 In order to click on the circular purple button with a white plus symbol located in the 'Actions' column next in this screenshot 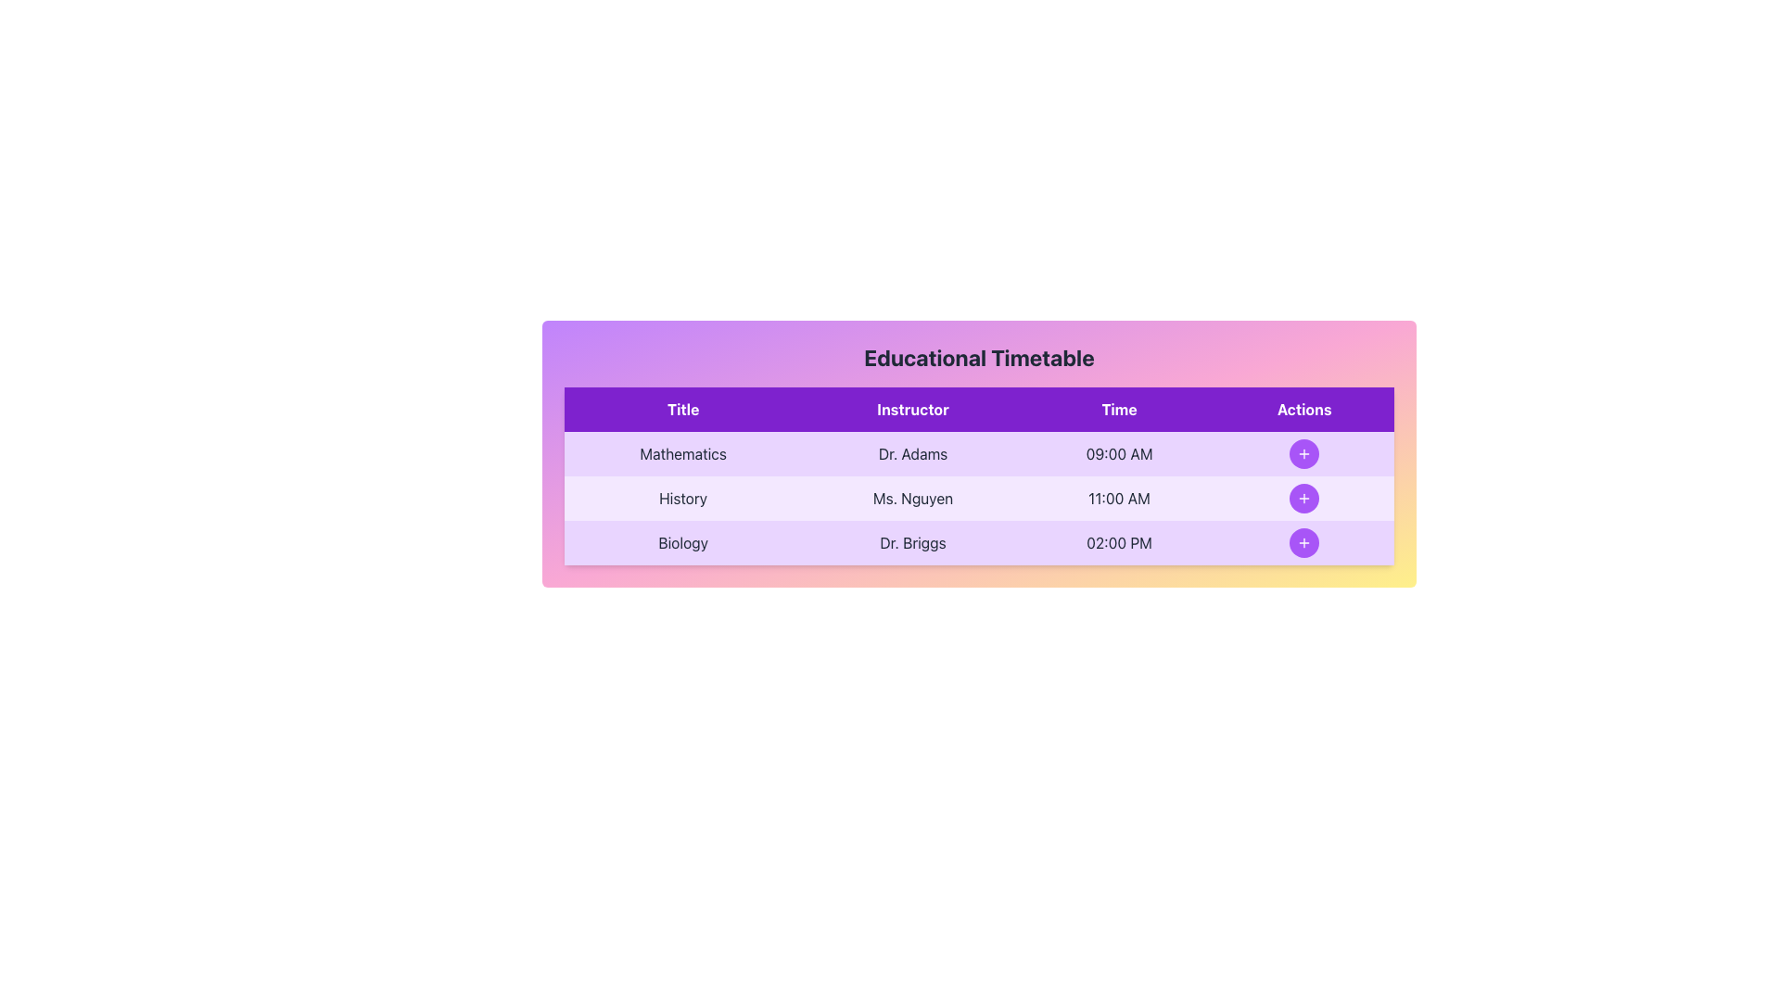, I will do `click(1303, 542)`.